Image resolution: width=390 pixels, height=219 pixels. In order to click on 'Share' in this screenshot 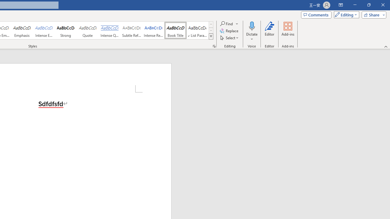, I will do `click(372, 14)`.